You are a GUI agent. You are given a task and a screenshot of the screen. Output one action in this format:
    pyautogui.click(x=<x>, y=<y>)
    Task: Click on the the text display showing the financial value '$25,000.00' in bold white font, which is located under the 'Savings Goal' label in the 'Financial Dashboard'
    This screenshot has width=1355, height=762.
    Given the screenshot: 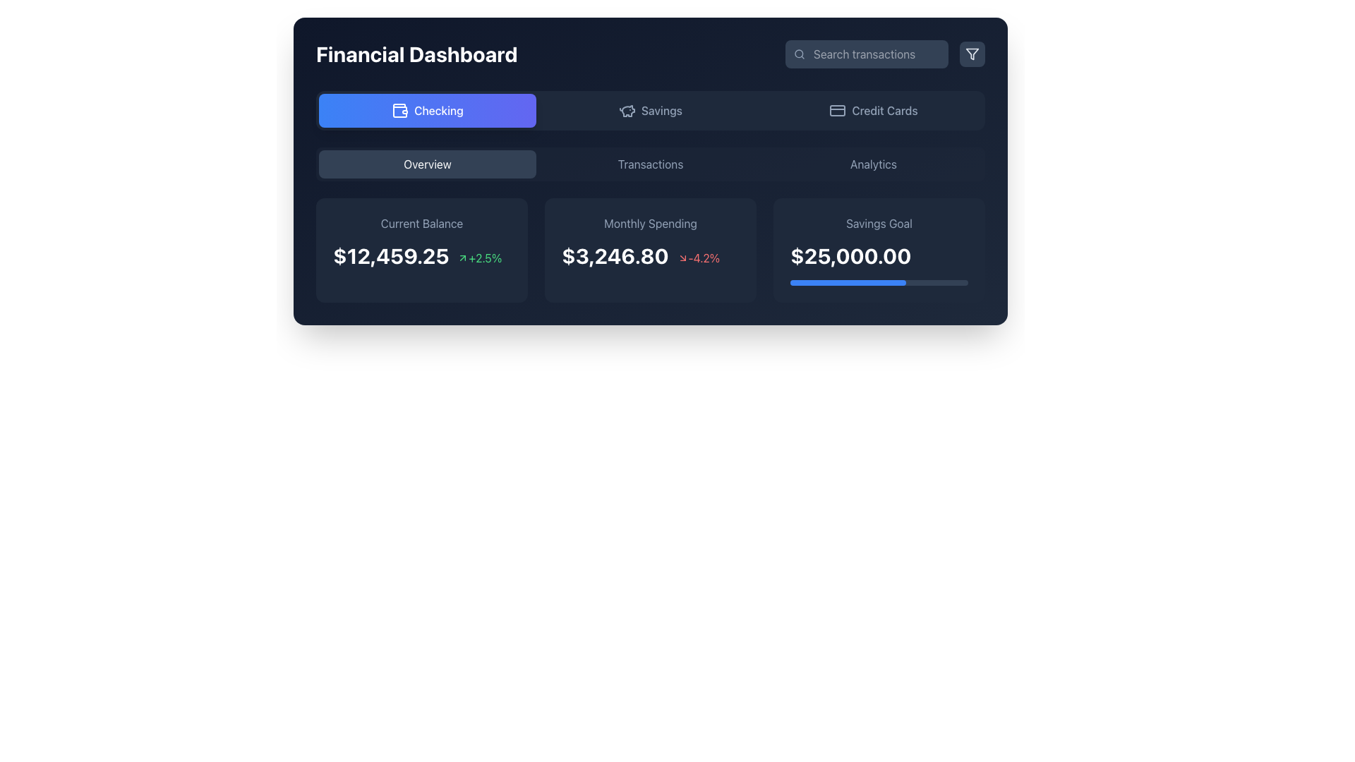 What is the action you would take?
    pyautogui.click(x=879, y=255)
    